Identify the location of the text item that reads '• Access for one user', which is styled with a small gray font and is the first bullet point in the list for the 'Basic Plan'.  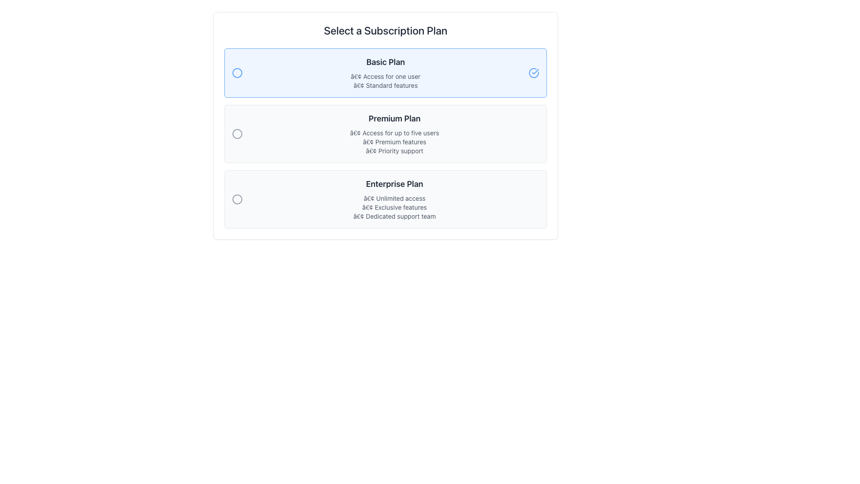
(385, 76).